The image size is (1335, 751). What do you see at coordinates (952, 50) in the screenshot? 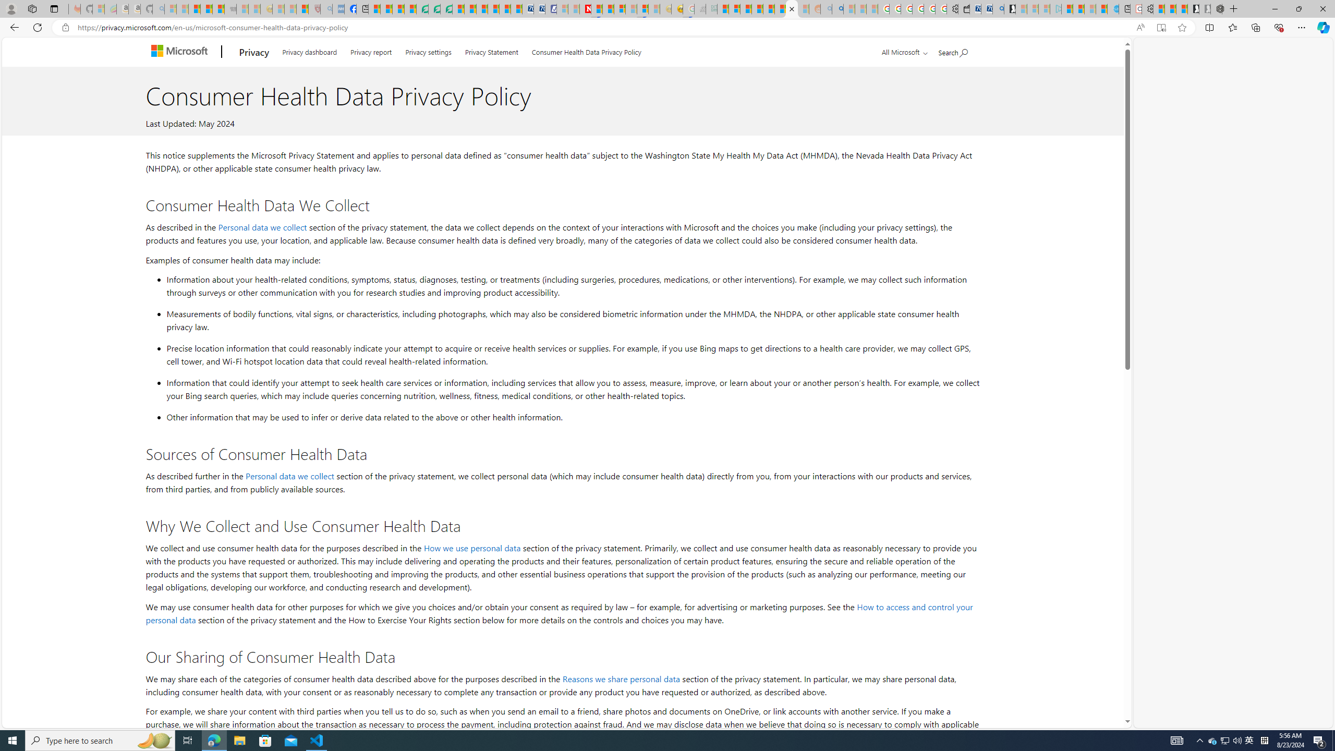
I see `'Search Microsoft.com'` at bounding box center [952, 50].